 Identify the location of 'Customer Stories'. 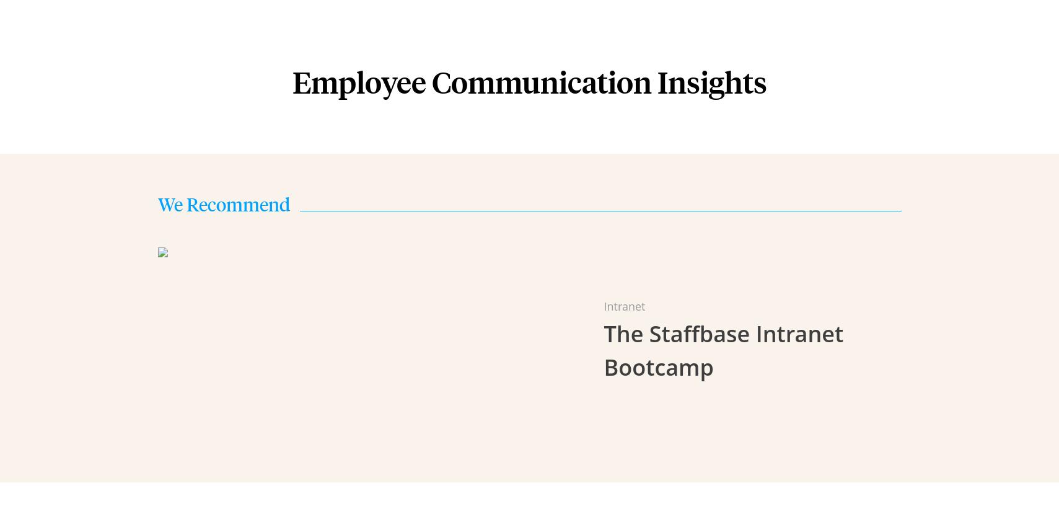
(376, 157).